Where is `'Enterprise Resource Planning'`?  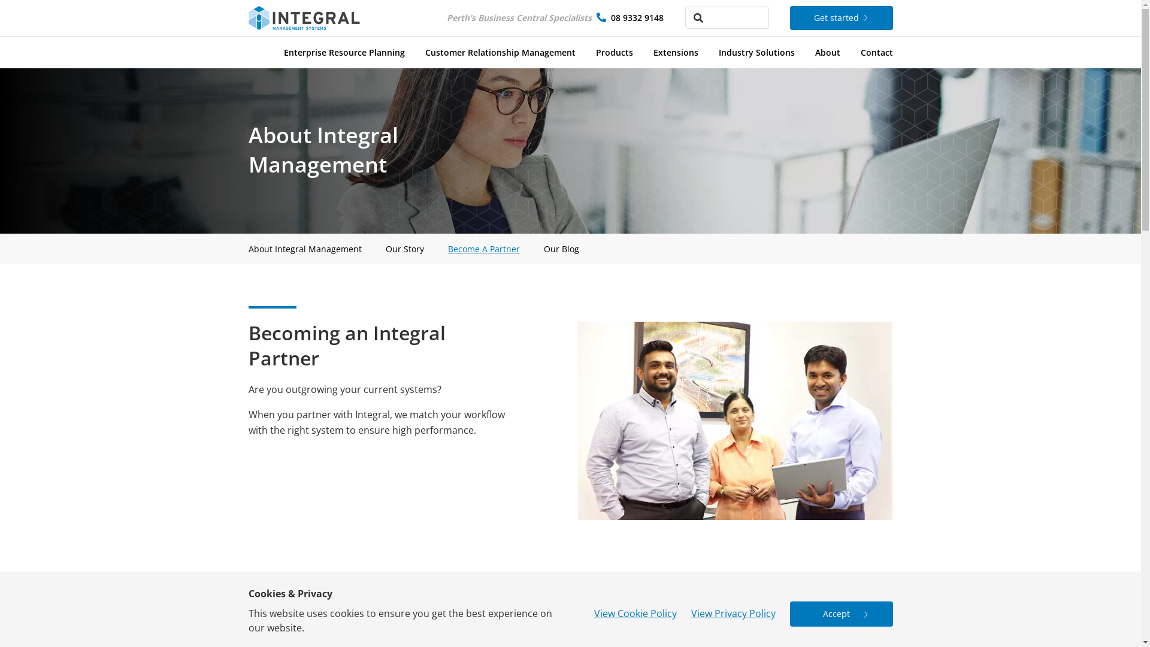
'Enterprise Resource Planning' is located at coordinates (283, 49).